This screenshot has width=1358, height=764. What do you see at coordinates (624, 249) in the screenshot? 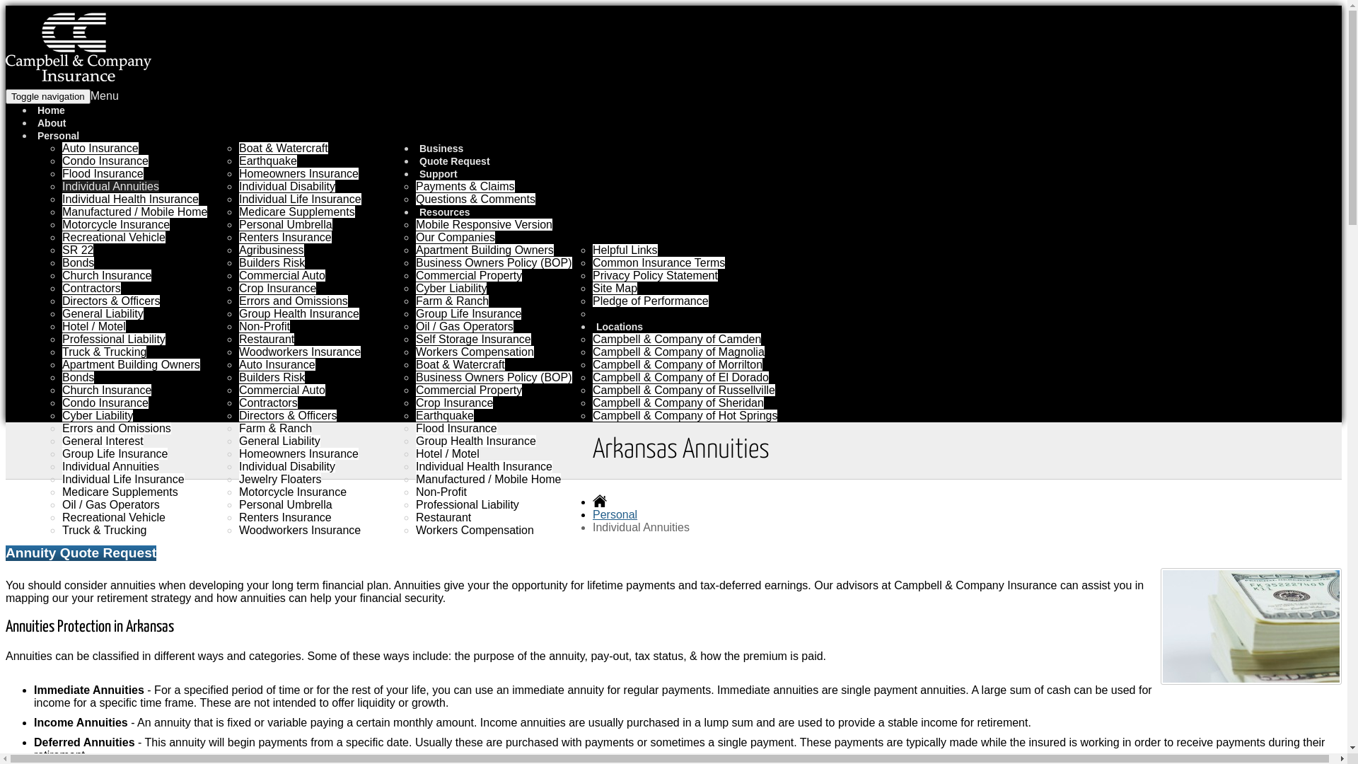
I see `'Helpful Links'` at bounding box center [624, 249].